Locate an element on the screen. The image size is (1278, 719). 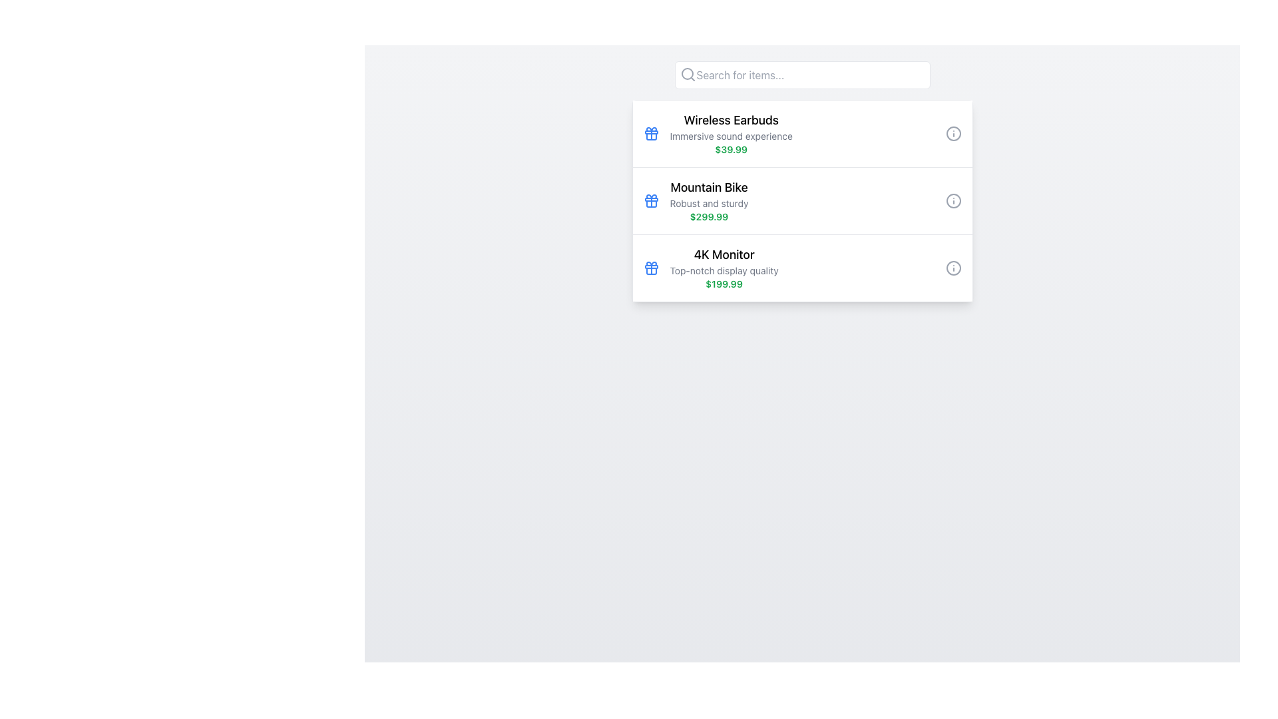
the help indicator icon located at the far right of the 'Mountain Bike' product card is located at coordinates (953, 200).